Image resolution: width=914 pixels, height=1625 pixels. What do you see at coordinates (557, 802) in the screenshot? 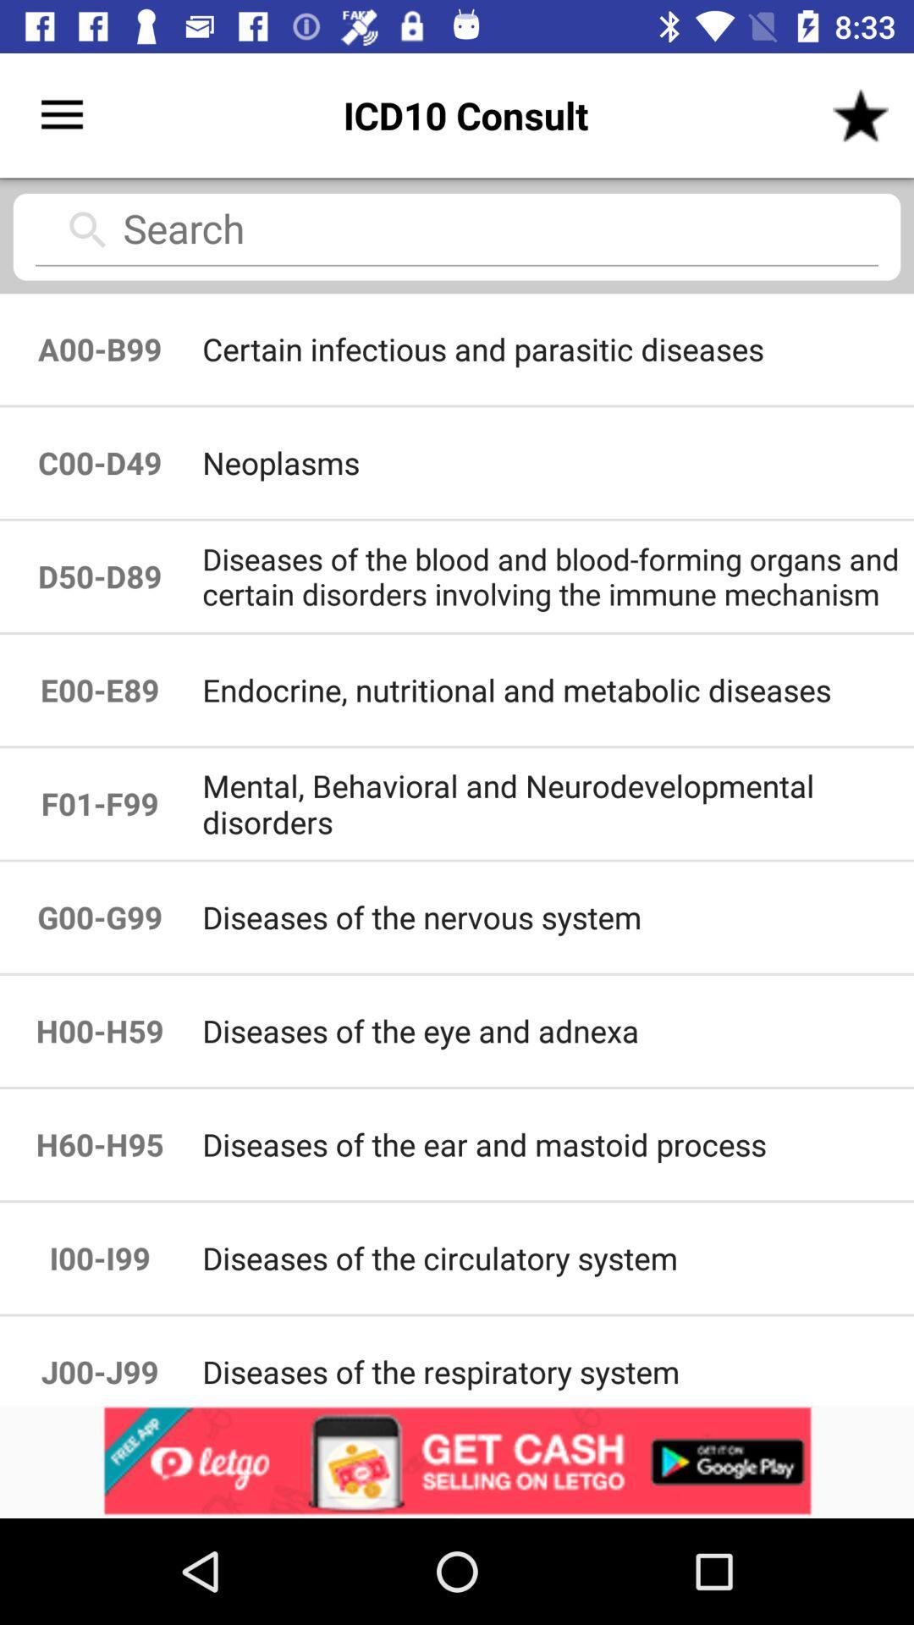
I see `the icon below e00-e89` at bounding box center [557, 802].